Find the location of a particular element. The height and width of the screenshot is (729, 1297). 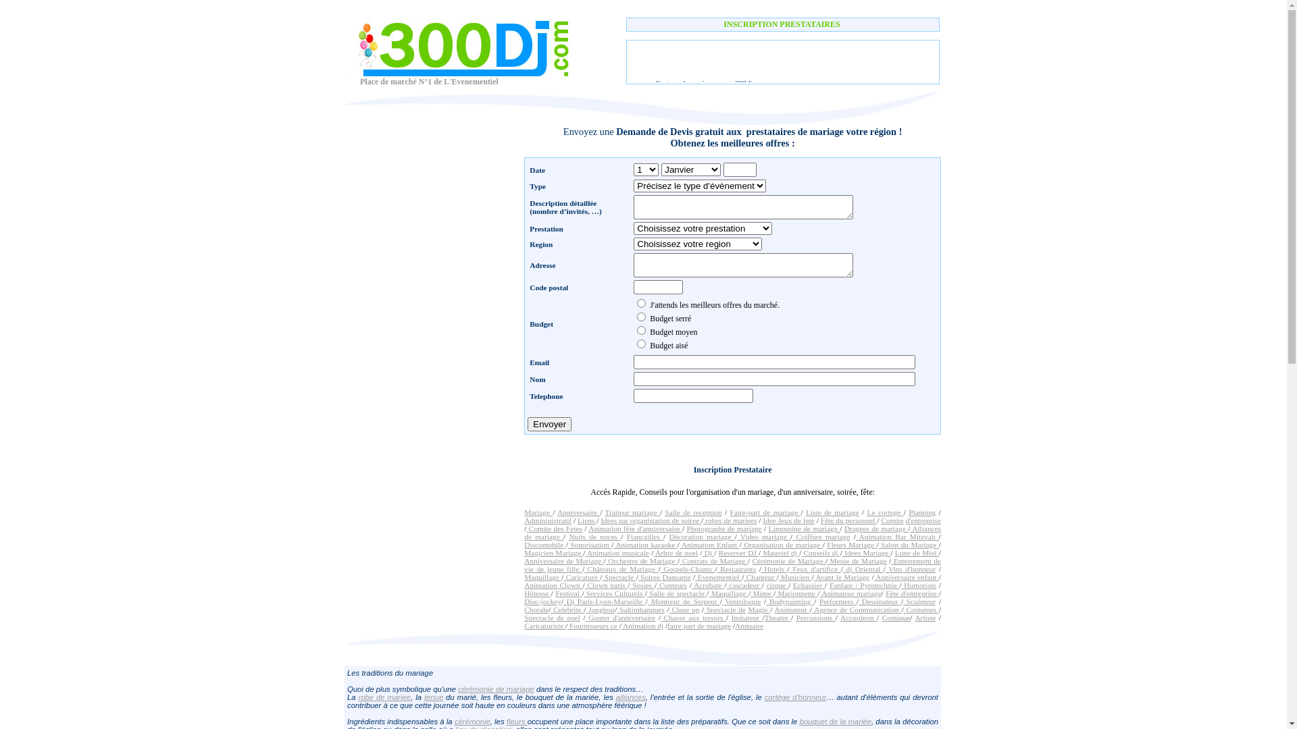

'Liens' is located at coordinates (586, 520).